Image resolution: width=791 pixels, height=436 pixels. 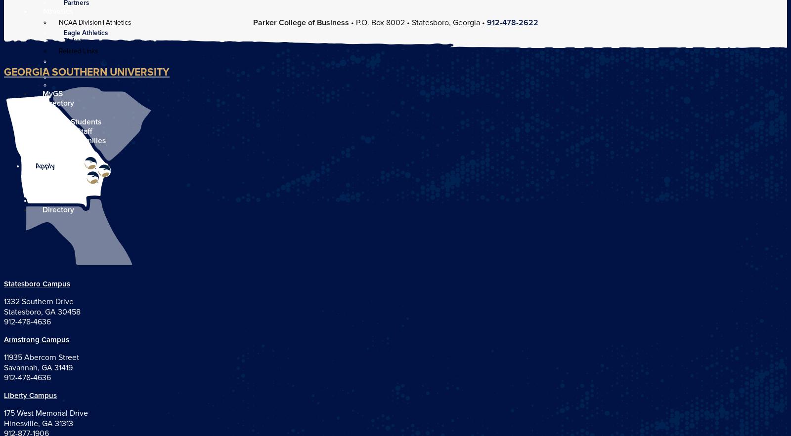 What do you see at coordinates (81, 77) in the screenshot?
I see `'Golf Course'` at bounding box center [81, 77].